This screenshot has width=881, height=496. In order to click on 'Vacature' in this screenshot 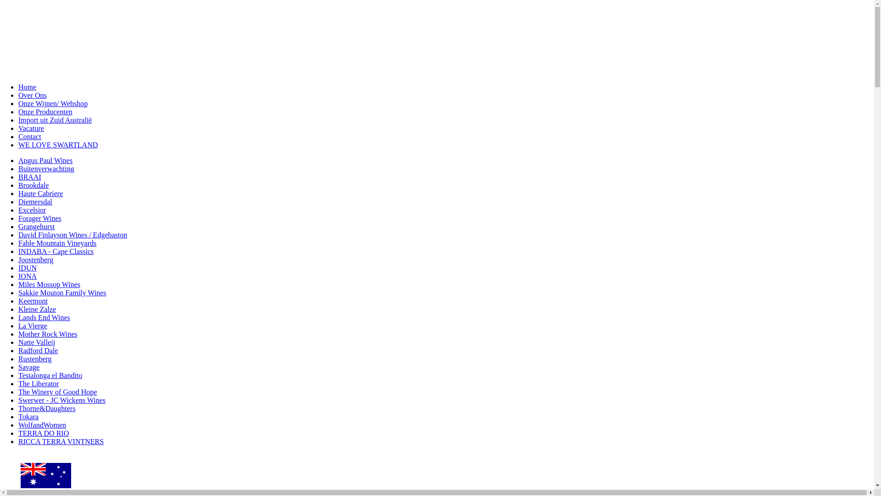, I will do `click(31, 128)`.